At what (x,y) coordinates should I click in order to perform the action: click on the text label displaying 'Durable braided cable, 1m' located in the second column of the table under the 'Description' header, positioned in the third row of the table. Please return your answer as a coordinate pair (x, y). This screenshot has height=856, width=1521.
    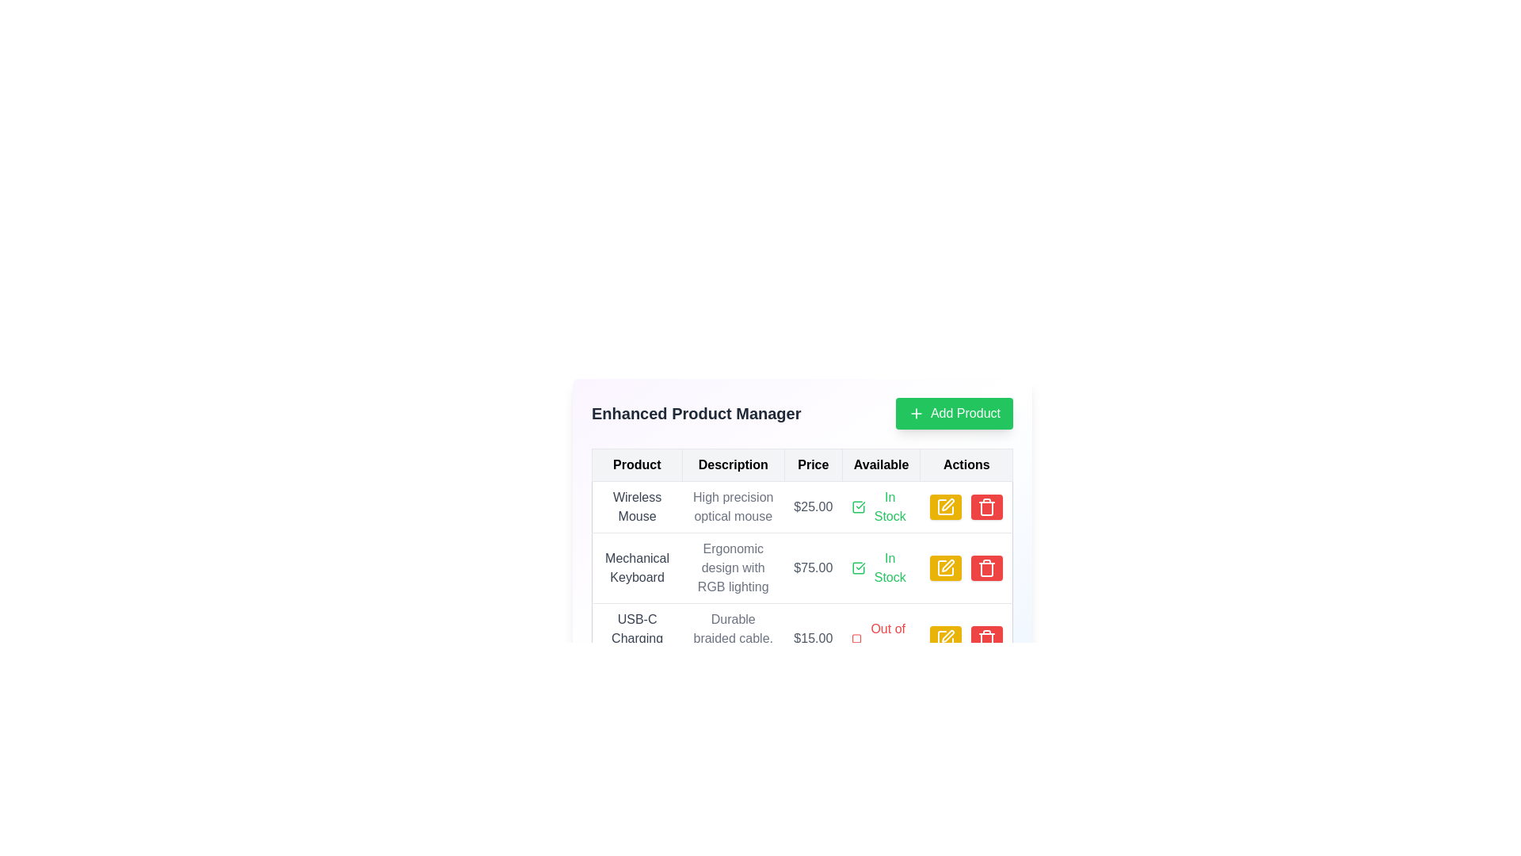
    Looking at the image, I should click on (732, 638).